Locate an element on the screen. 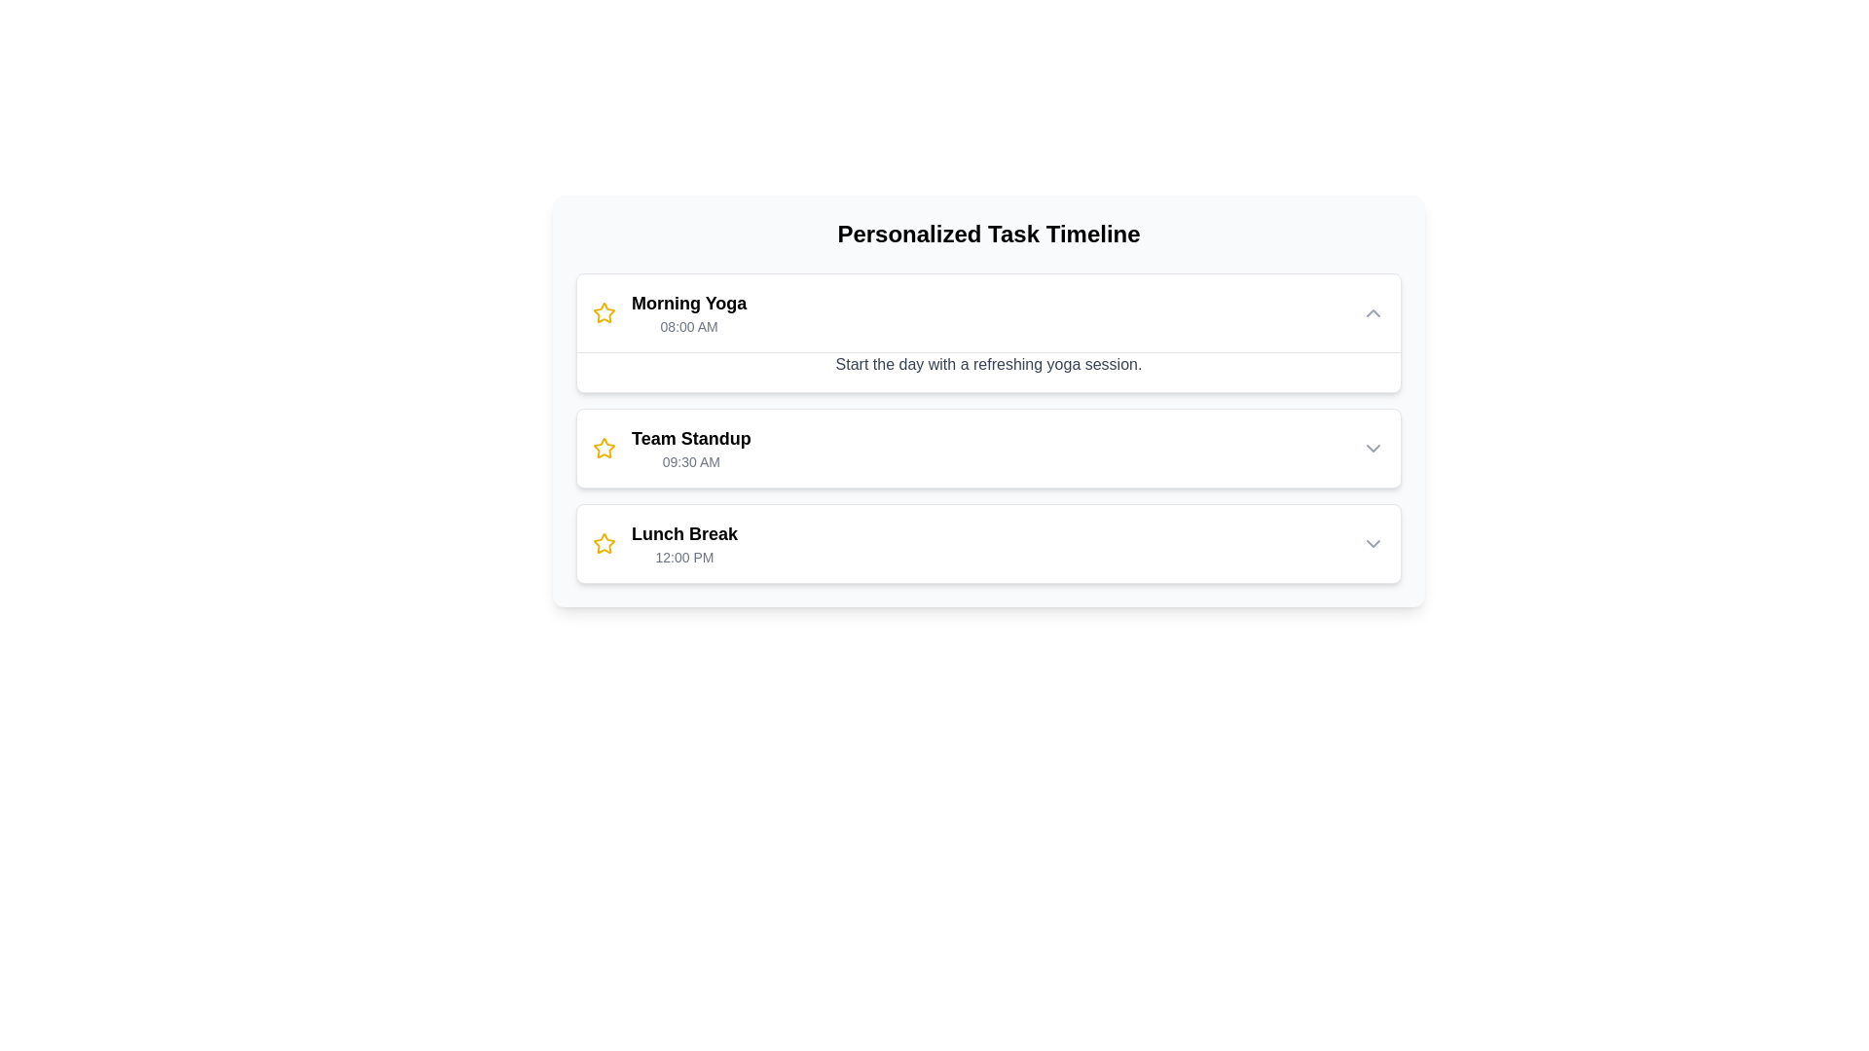 This screenshot has width=1869, height=1051. descriptive text block displaying 'Start the day with a refreshing yoga session.' located in the middle section of the 'Morning Yoga' task box on the timeline interface is located at coordinates (989, 364).